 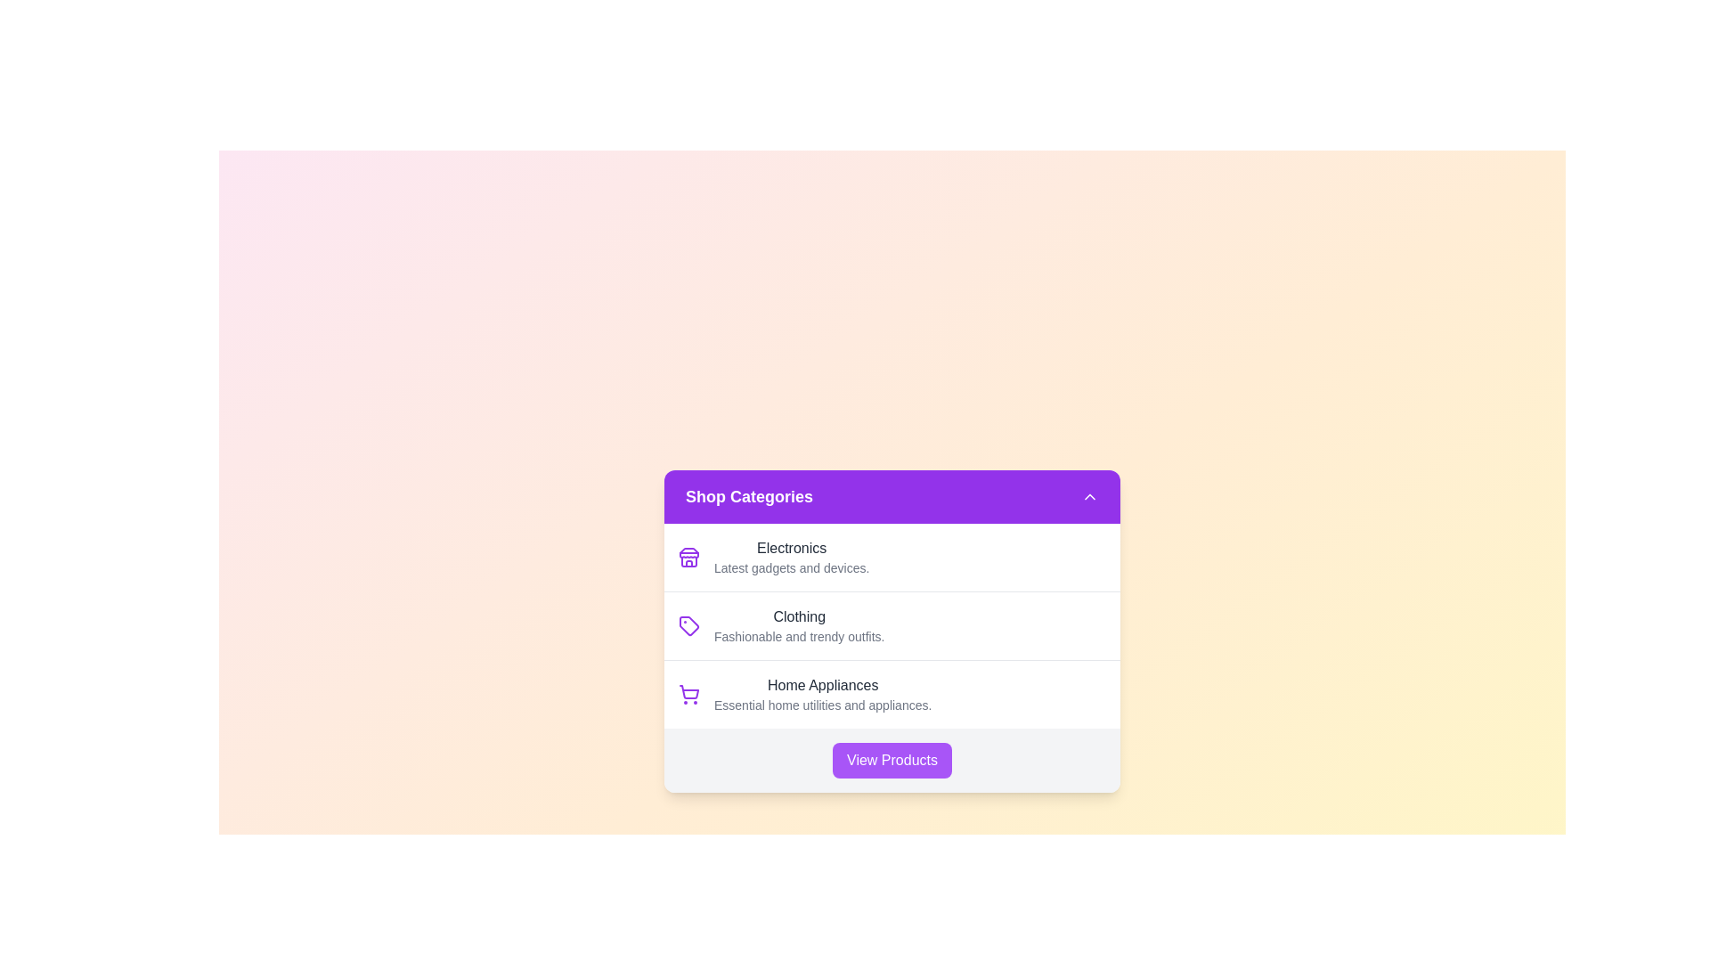 What do you see at coordinates (790, 548) in the screenshot?
I see `the text element labeled Electronics` at bounding box center [790, 548].